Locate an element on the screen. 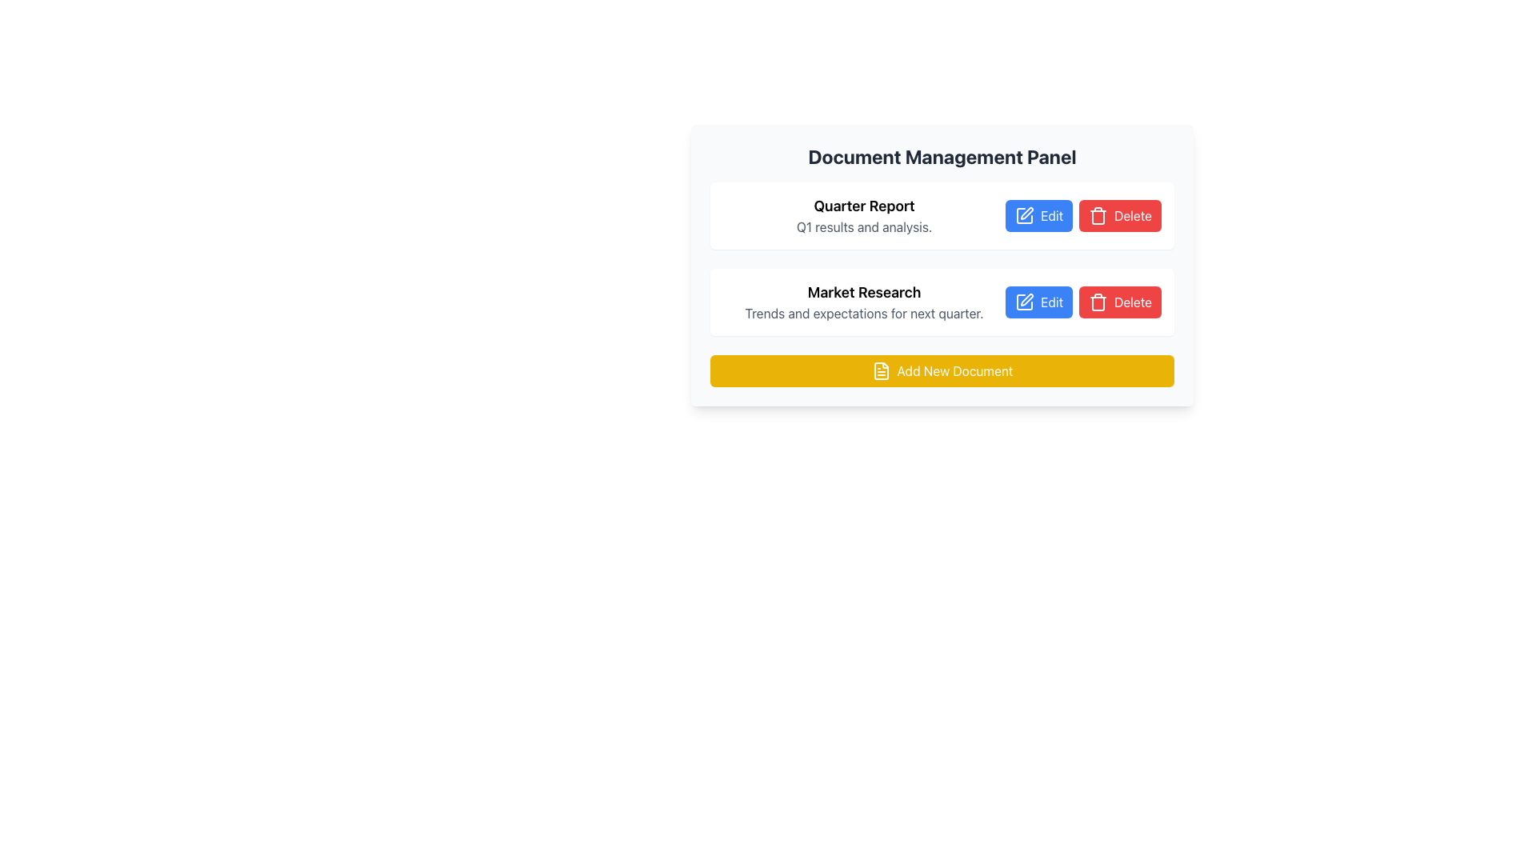  the delete icon located in the upper-right side of the panel next to the edit button is located at coordinates (1097, 302).